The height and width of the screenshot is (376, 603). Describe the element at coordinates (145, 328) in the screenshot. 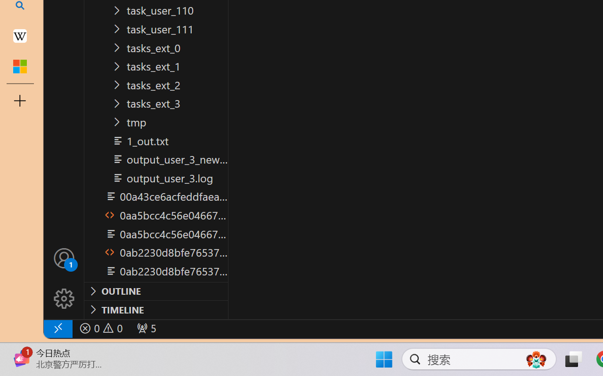

I see `'Forwarded Ports: 36301, 47065, 38781, 45817, 50331'` at that location.